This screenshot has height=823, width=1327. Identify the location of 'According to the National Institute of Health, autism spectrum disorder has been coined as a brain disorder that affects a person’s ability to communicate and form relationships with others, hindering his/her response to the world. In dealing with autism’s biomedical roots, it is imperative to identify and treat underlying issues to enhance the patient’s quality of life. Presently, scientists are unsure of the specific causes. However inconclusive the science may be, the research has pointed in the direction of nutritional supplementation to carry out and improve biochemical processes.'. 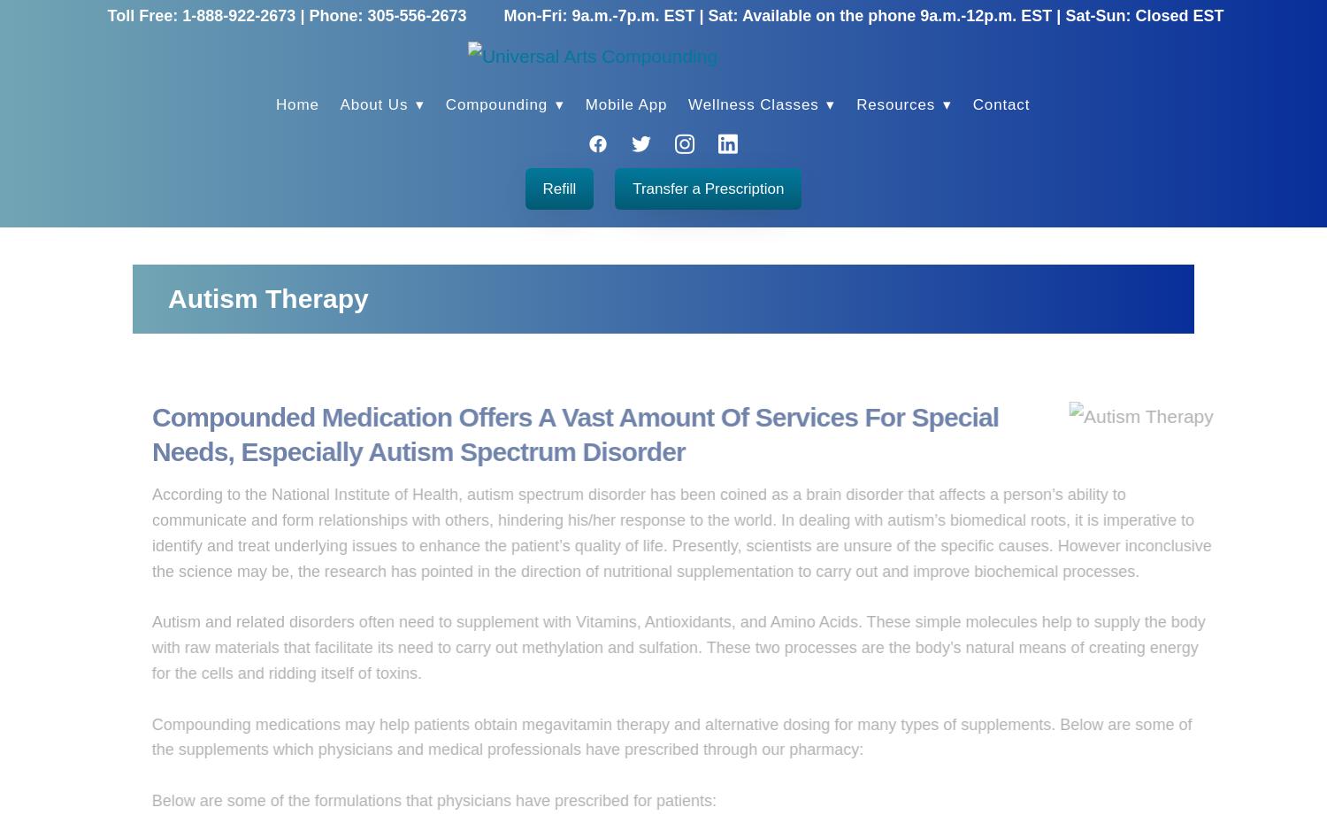
(661, 532).